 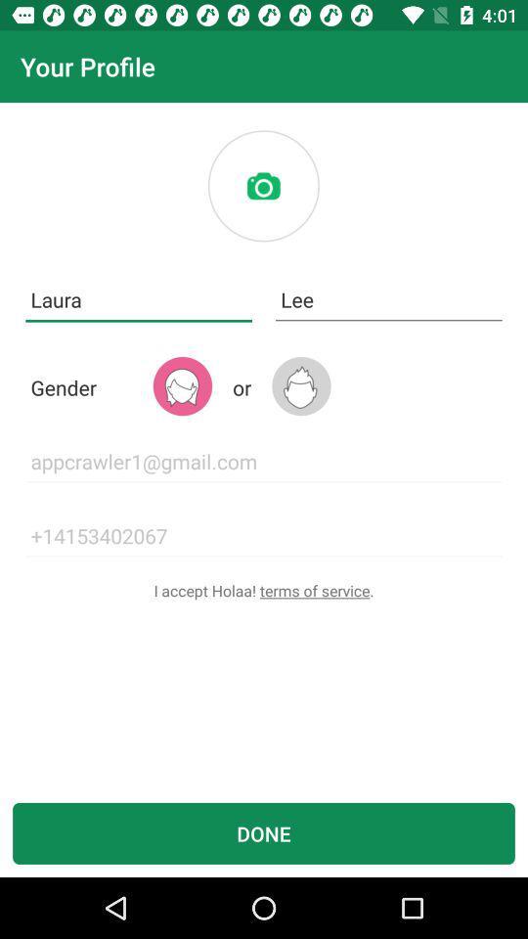 What do you see at coordinates (264, 462) in the screenshot?
I see `icon below the or item` at bounding box center [264, 462].